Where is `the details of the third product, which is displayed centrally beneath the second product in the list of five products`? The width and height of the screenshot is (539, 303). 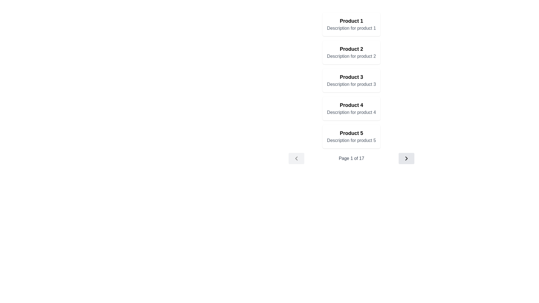
the details of the third product, which is displayed centrally beneath the second product in the list of five products is located at coordinates (351, 80).